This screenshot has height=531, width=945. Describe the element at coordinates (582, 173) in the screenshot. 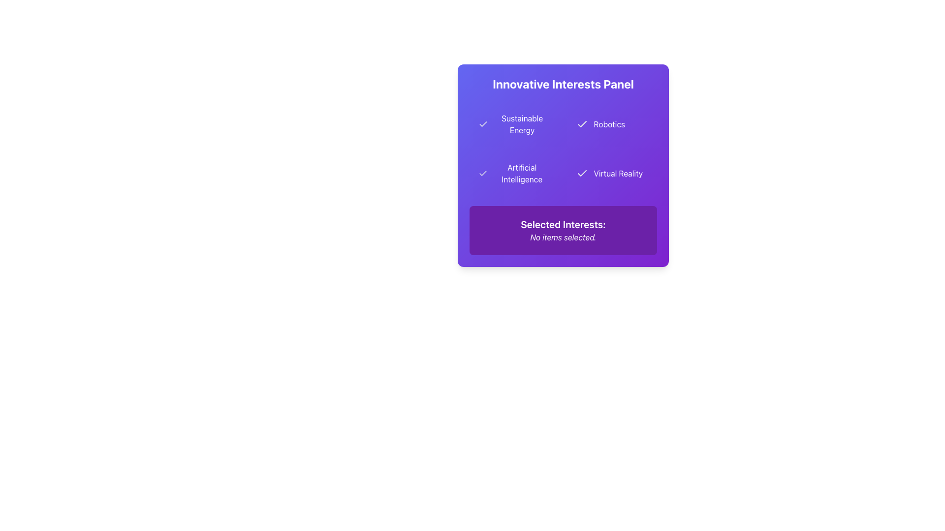

I see `the checkmark icon located next to the text label 'Virtual Reality' within the purple gradient panel` at that location.